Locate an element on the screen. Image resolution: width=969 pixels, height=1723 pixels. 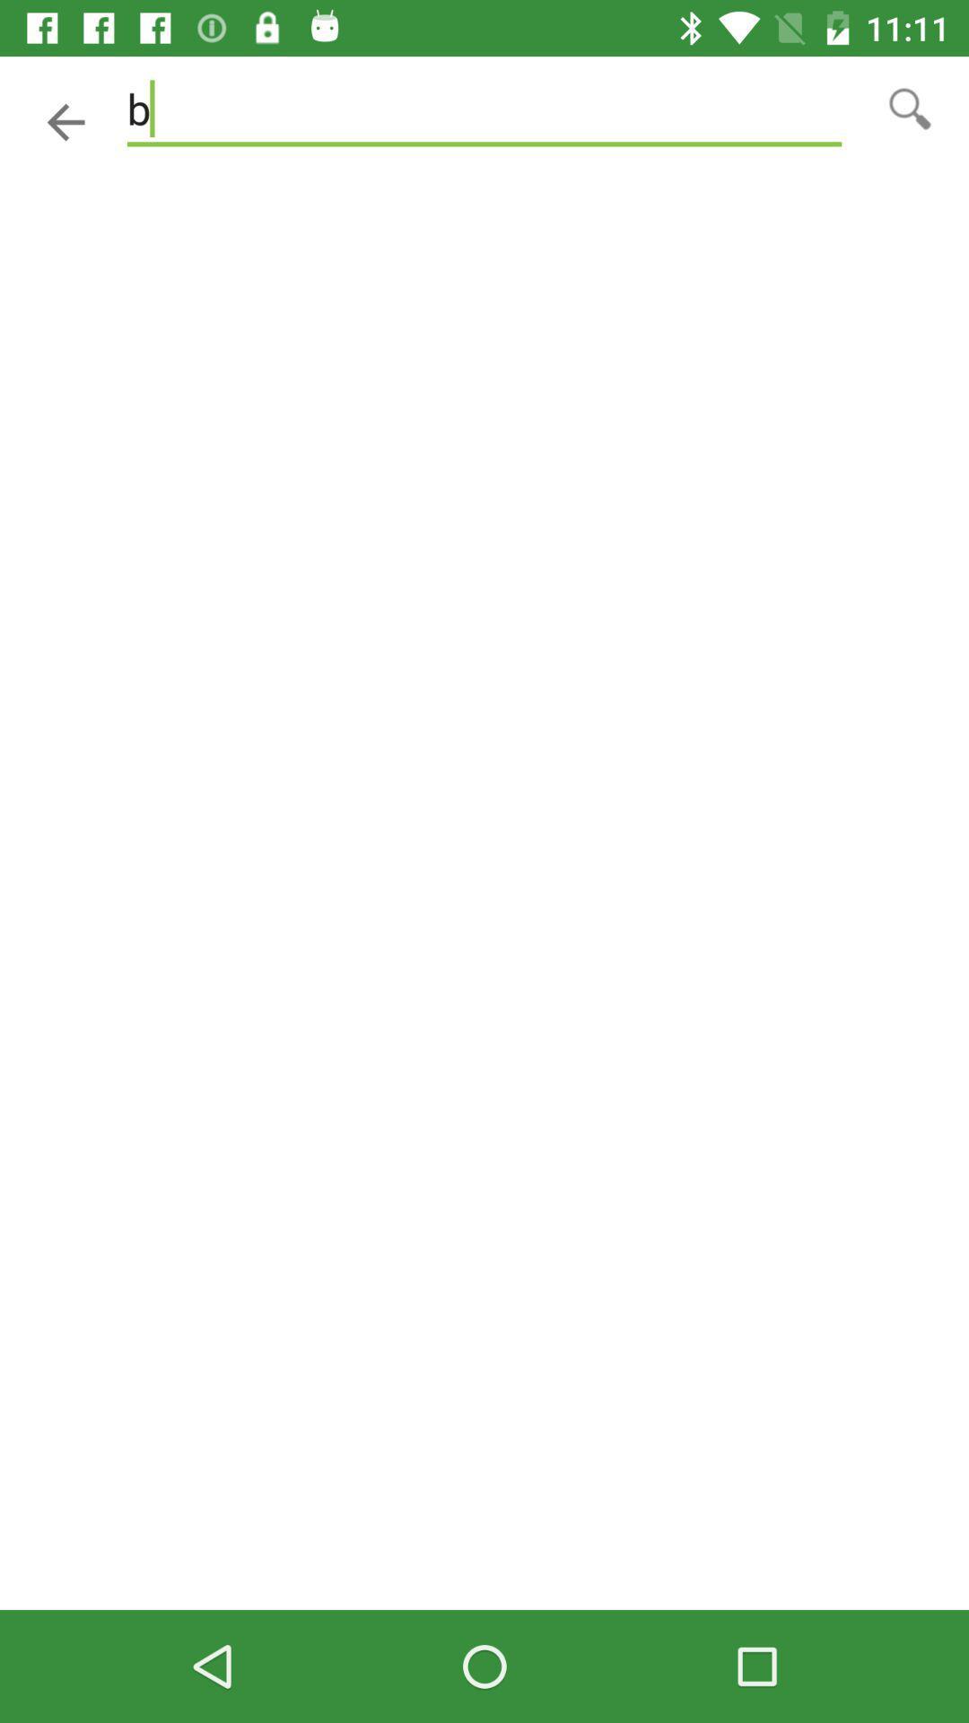
search input is located at coordinates (910, 107).